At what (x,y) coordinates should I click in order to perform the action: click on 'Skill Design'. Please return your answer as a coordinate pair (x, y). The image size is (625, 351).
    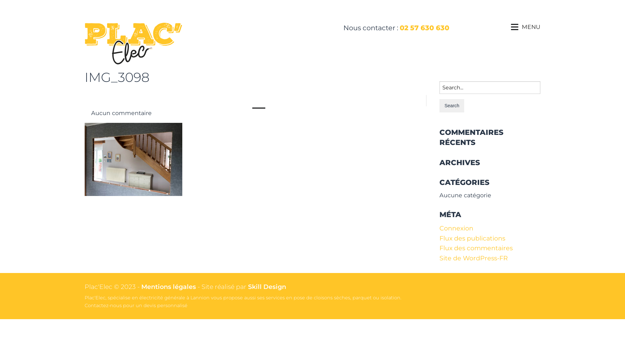
    Looking at the image, I should click on (248, 286).